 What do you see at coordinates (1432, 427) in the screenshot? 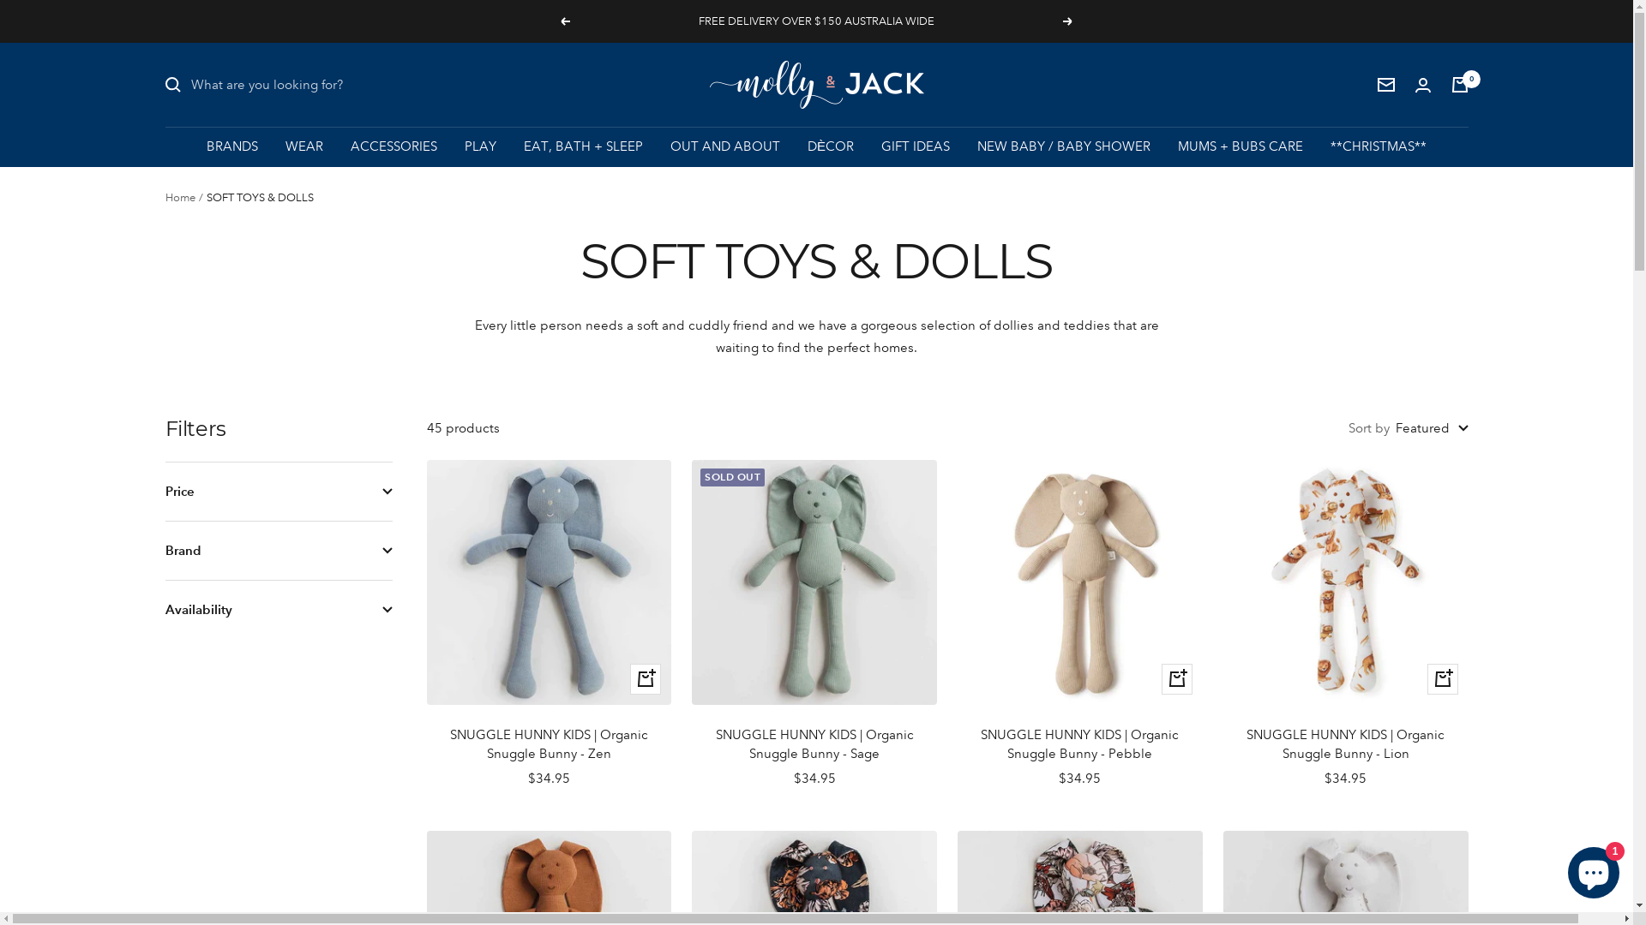
I see `'Featured'` at bounding box center [1432, 427].